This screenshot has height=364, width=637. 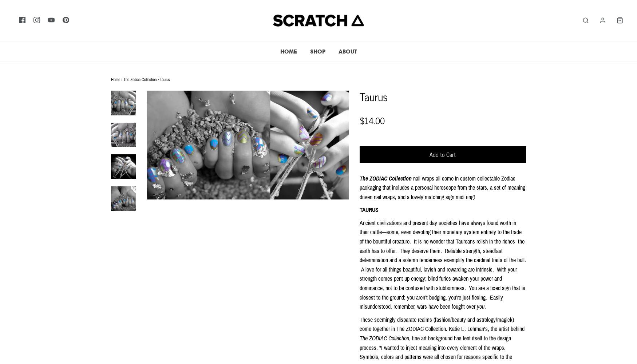 What do you see at coordinates (503, 329) in the screenshot?
I see `''s, the artist behind'` at bounding box center [503, 329].